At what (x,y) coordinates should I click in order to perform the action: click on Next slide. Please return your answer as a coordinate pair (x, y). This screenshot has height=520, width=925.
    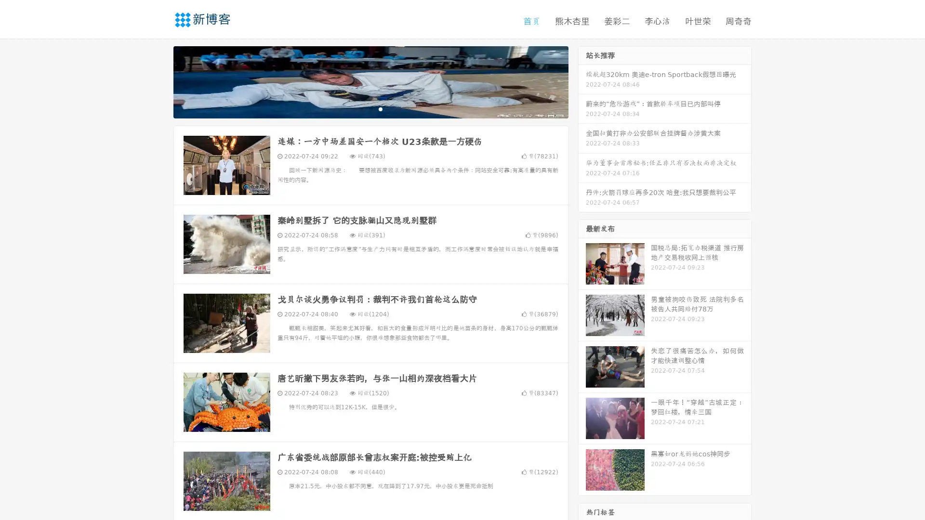
    Looking at the image, I should click on (582, 81).